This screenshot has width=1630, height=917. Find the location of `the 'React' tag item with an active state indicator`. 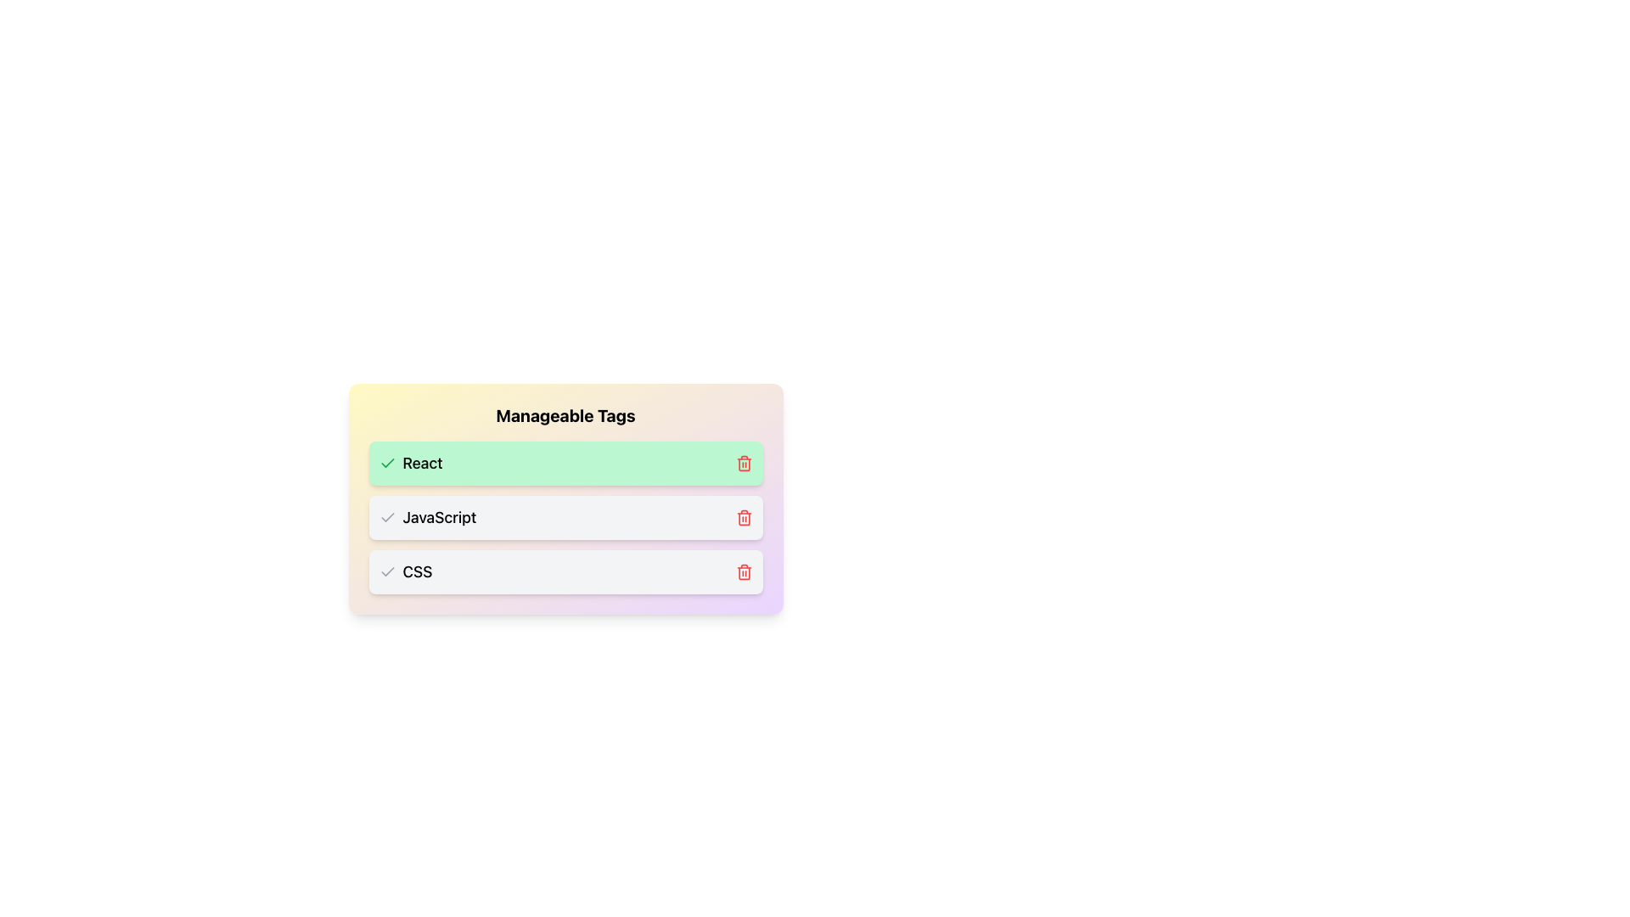

the 'React' tag item with an active state indicator is located at coordinates (411, 464).